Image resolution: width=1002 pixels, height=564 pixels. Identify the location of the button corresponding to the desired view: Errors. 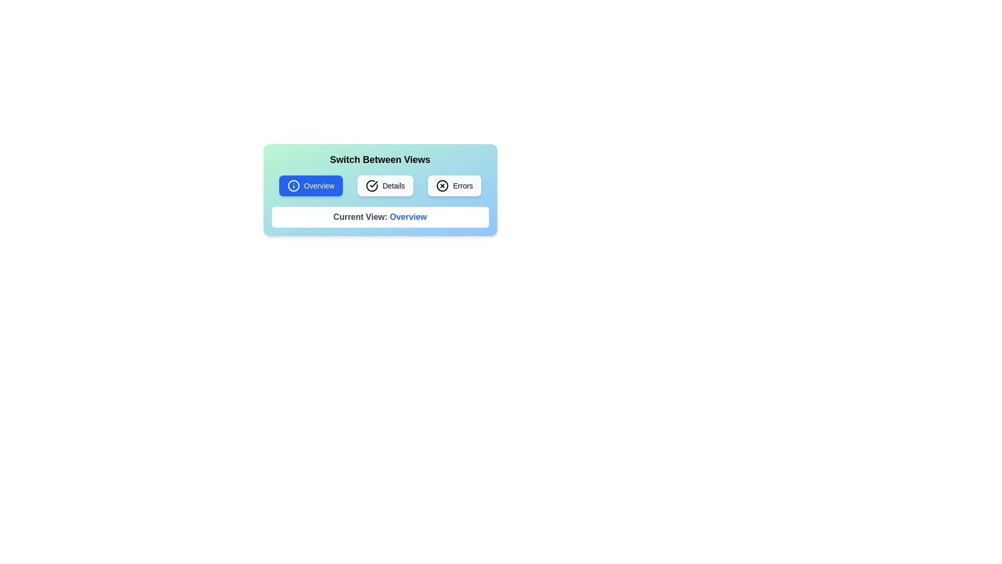
(455, 185).